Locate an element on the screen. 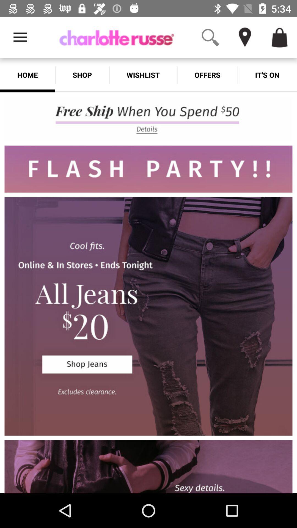  item to the left of the offers icon is located at coordinates (143, 75).